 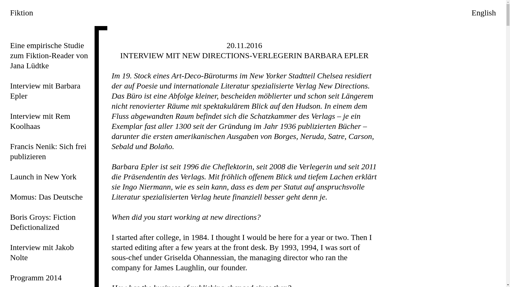 I want to click on 'Launch in New York', so click(x=43, y=176).